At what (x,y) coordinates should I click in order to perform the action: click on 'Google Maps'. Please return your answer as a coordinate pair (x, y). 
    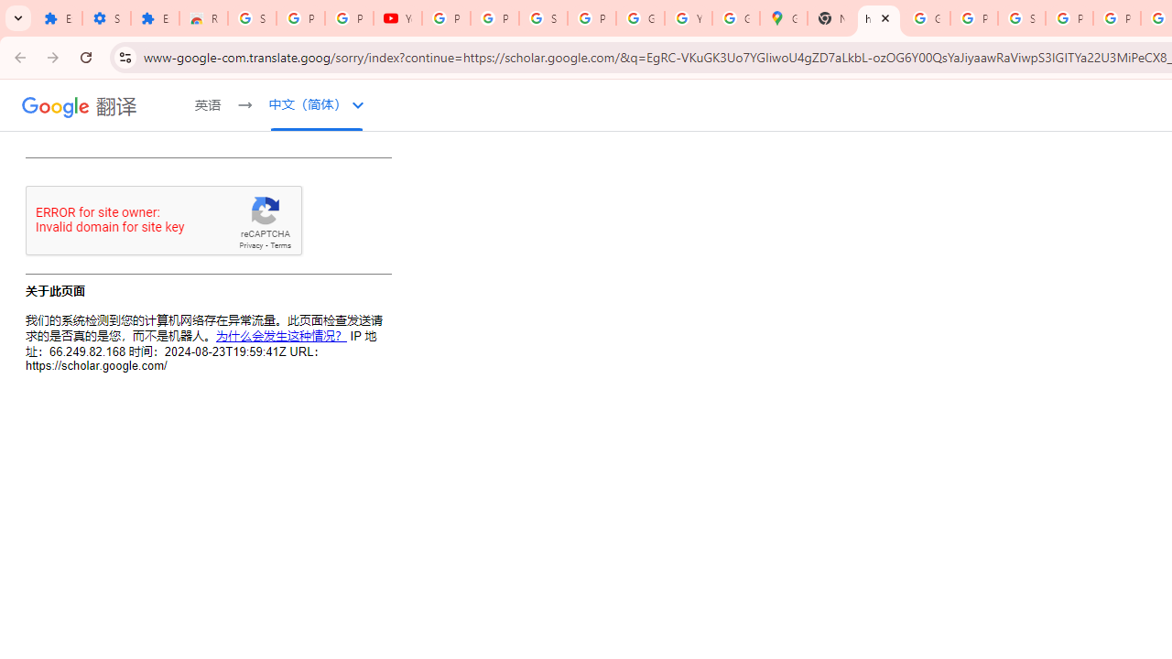
    Looking at the image, I should click on (783, 18).